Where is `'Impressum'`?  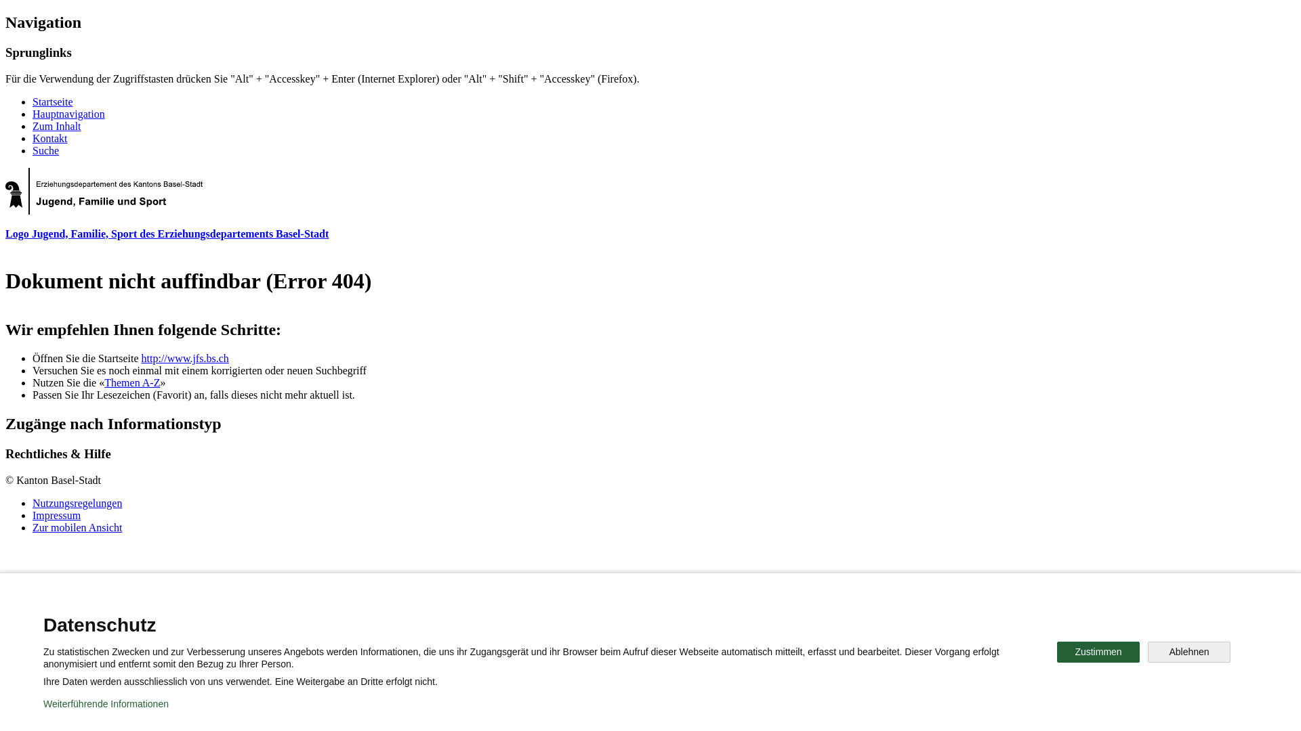 'Impressum' is located at coordinates (56, 515).